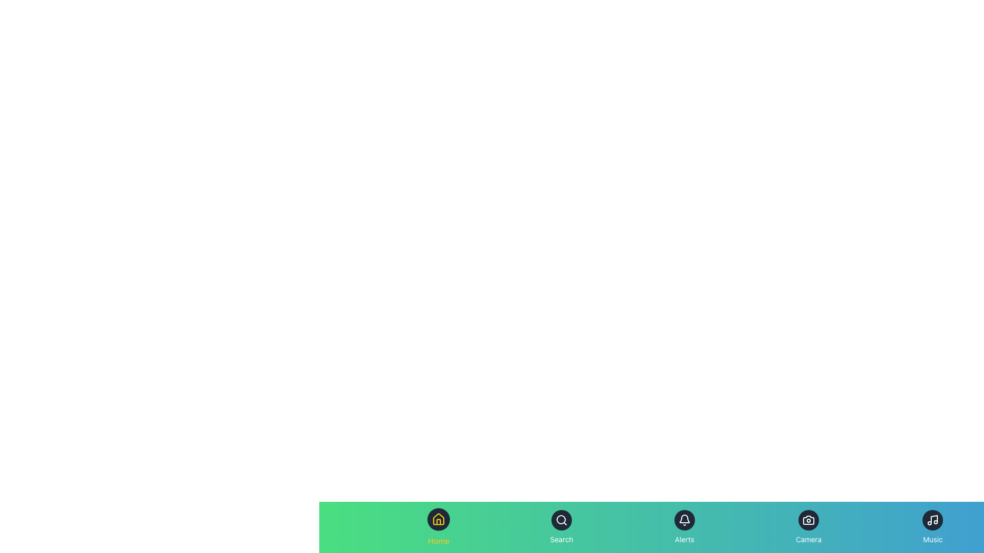 Image resolution: width=984 pixels, height=553 pixels. Describe the element at coordinates (684, 527) in the screenshot. I see `the 'Alerts' button located in the navigation bar at the bottom of the interface` at that location.